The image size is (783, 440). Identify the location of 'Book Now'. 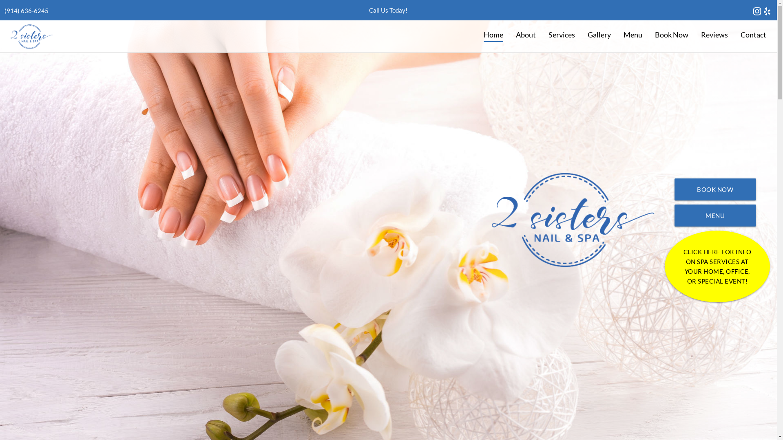
(671, 34).